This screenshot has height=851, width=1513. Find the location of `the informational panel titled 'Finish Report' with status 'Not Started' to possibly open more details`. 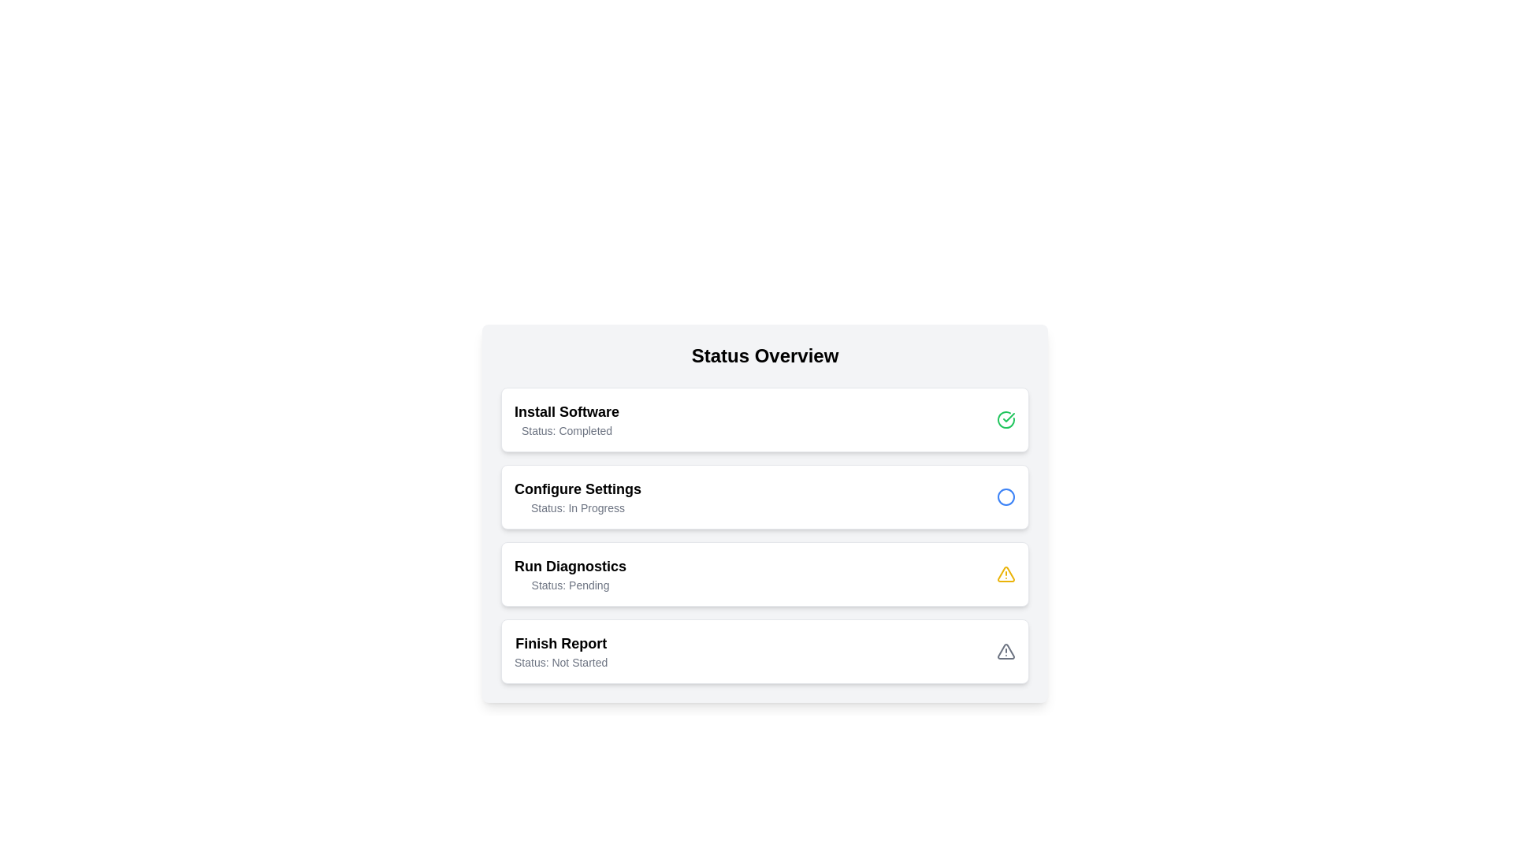

the informational panel titled 'Finish Report' with status 'Not Started' to possibly open more details is located at coordinates (764, 651).